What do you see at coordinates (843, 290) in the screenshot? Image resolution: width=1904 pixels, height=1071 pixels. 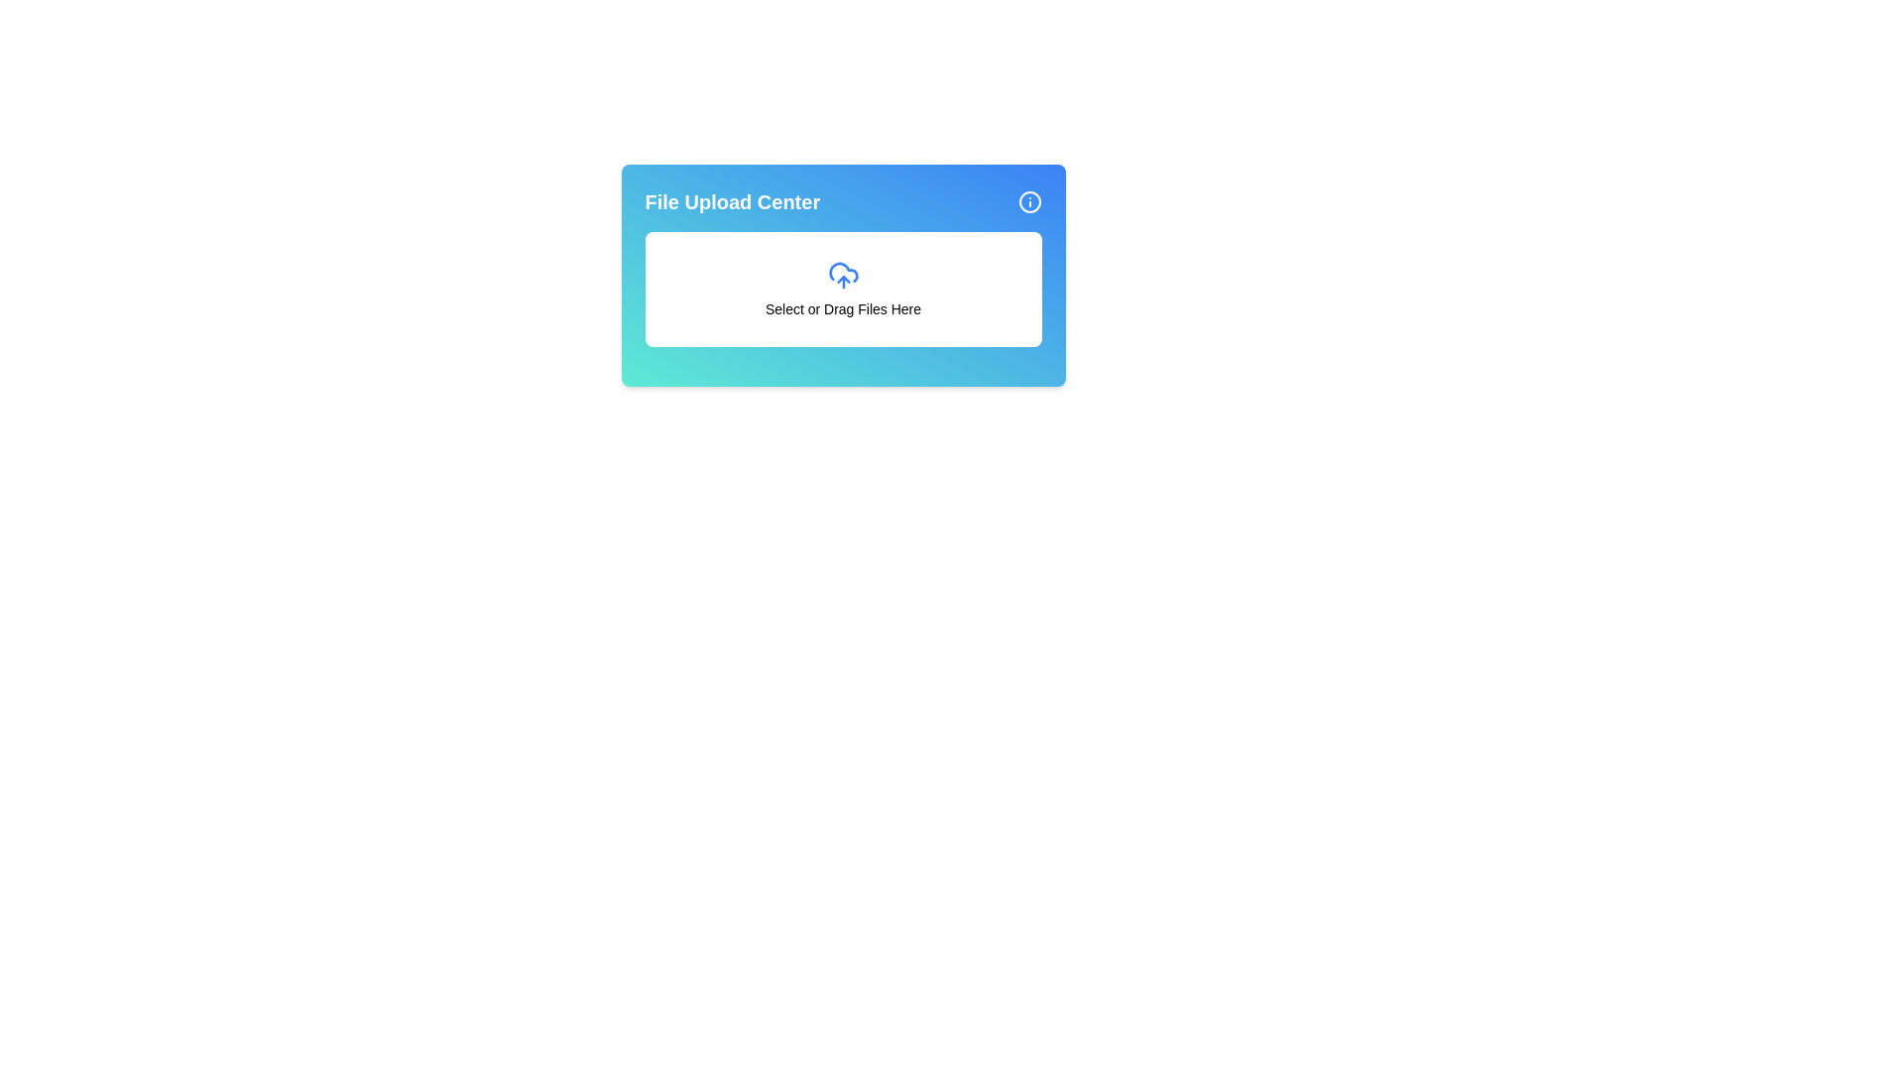 I see `the Interactive Upload Zone, which is a centrally positioned rectangle with rounded corners and contains an upload icon and the text 'Select or Drag Files Here', to observe potential visual feedback` at bounding box center [843, 290].